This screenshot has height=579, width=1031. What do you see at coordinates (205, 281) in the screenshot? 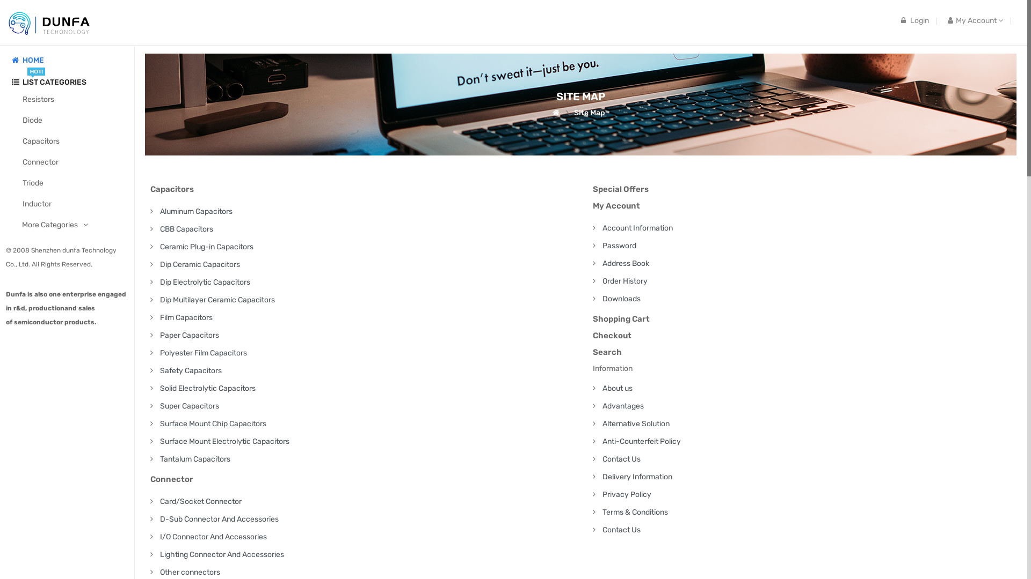
I see `'Dip Electrolytic Capacitors'` at bounding box center [205, 281].